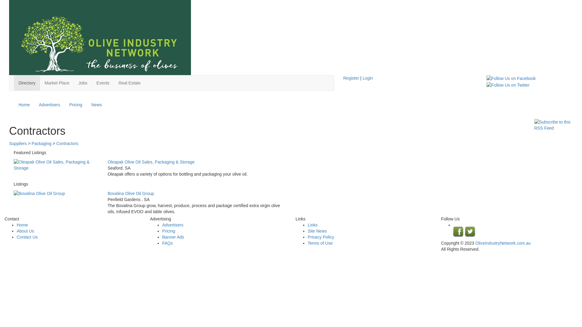  I want to click on 'Real Estate', so click(129, 83).